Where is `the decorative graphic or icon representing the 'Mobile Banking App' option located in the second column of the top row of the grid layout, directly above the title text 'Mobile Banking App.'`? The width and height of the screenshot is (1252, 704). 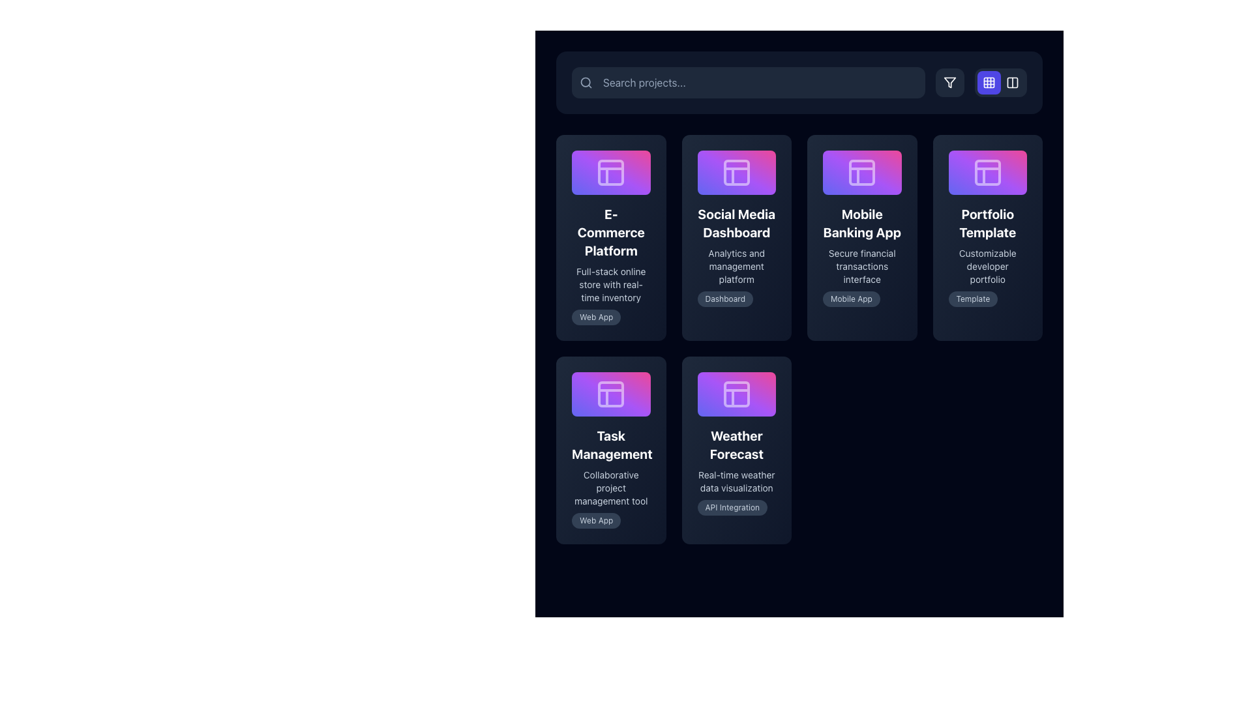 the decorative graphic or icon representing the 'Mobile Banking App' option located in the second column of the top row of the grid layout, directly above the title text 'Mobile Banking App.' is located at coordinates (862, 171).